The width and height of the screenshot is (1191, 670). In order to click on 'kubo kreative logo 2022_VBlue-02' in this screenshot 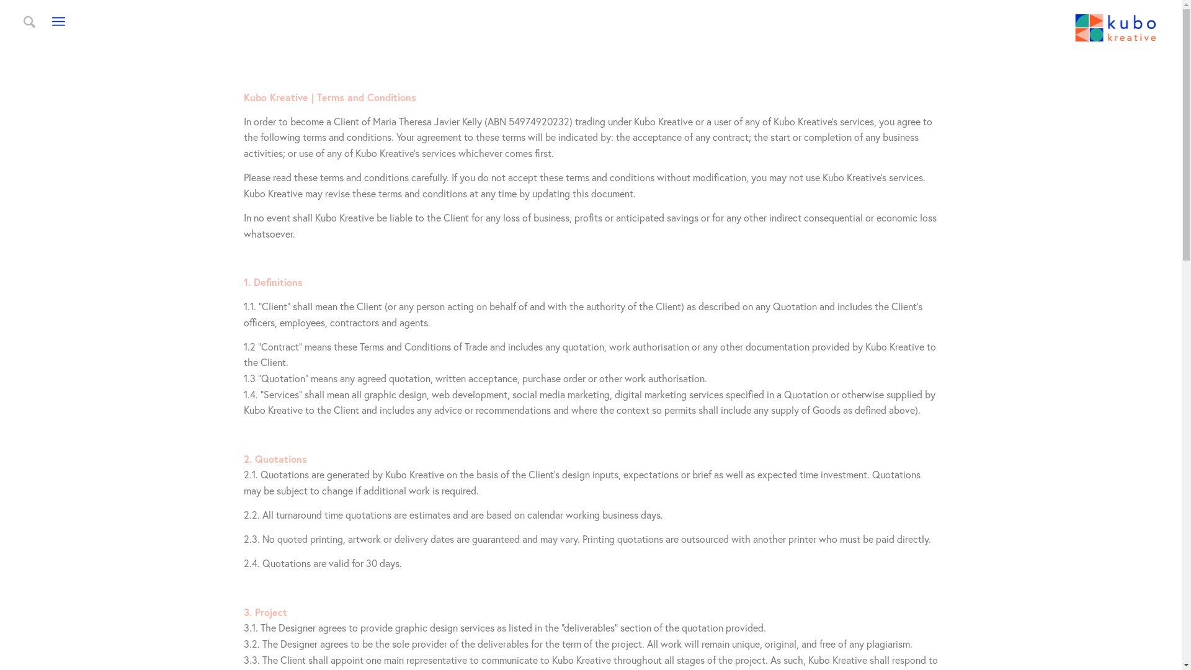, I will do `click(1115, 28)`.